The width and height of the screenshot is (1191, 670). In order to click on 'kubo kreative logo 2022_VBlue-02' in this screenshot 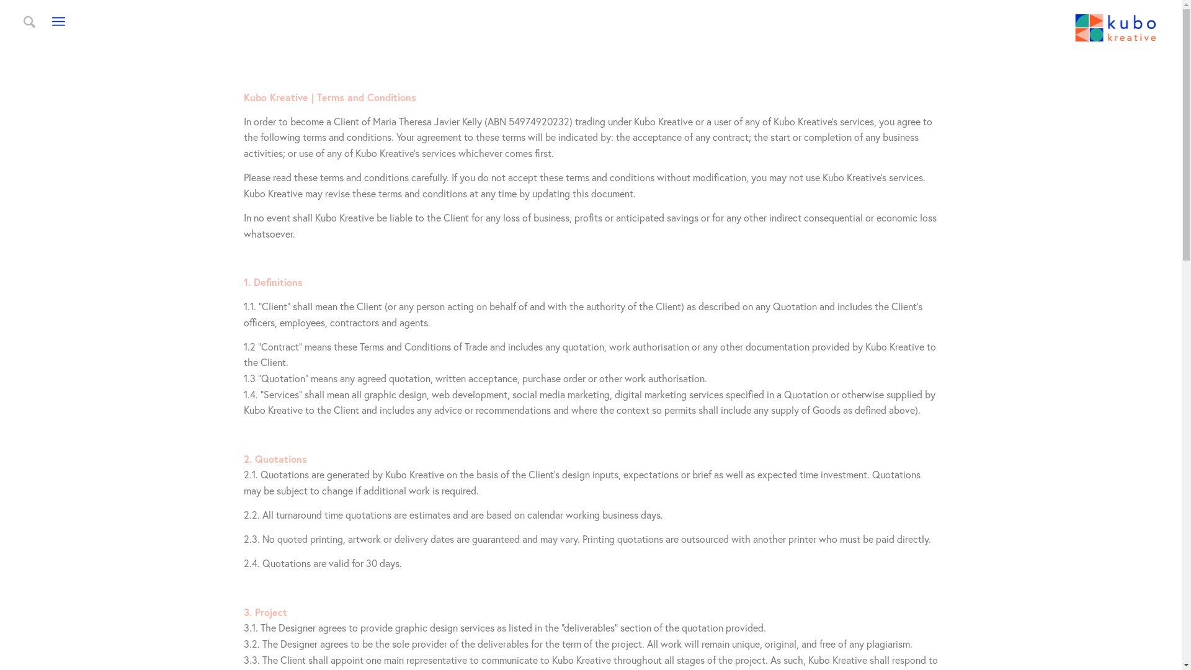, I will do `click(1115, 28)`.